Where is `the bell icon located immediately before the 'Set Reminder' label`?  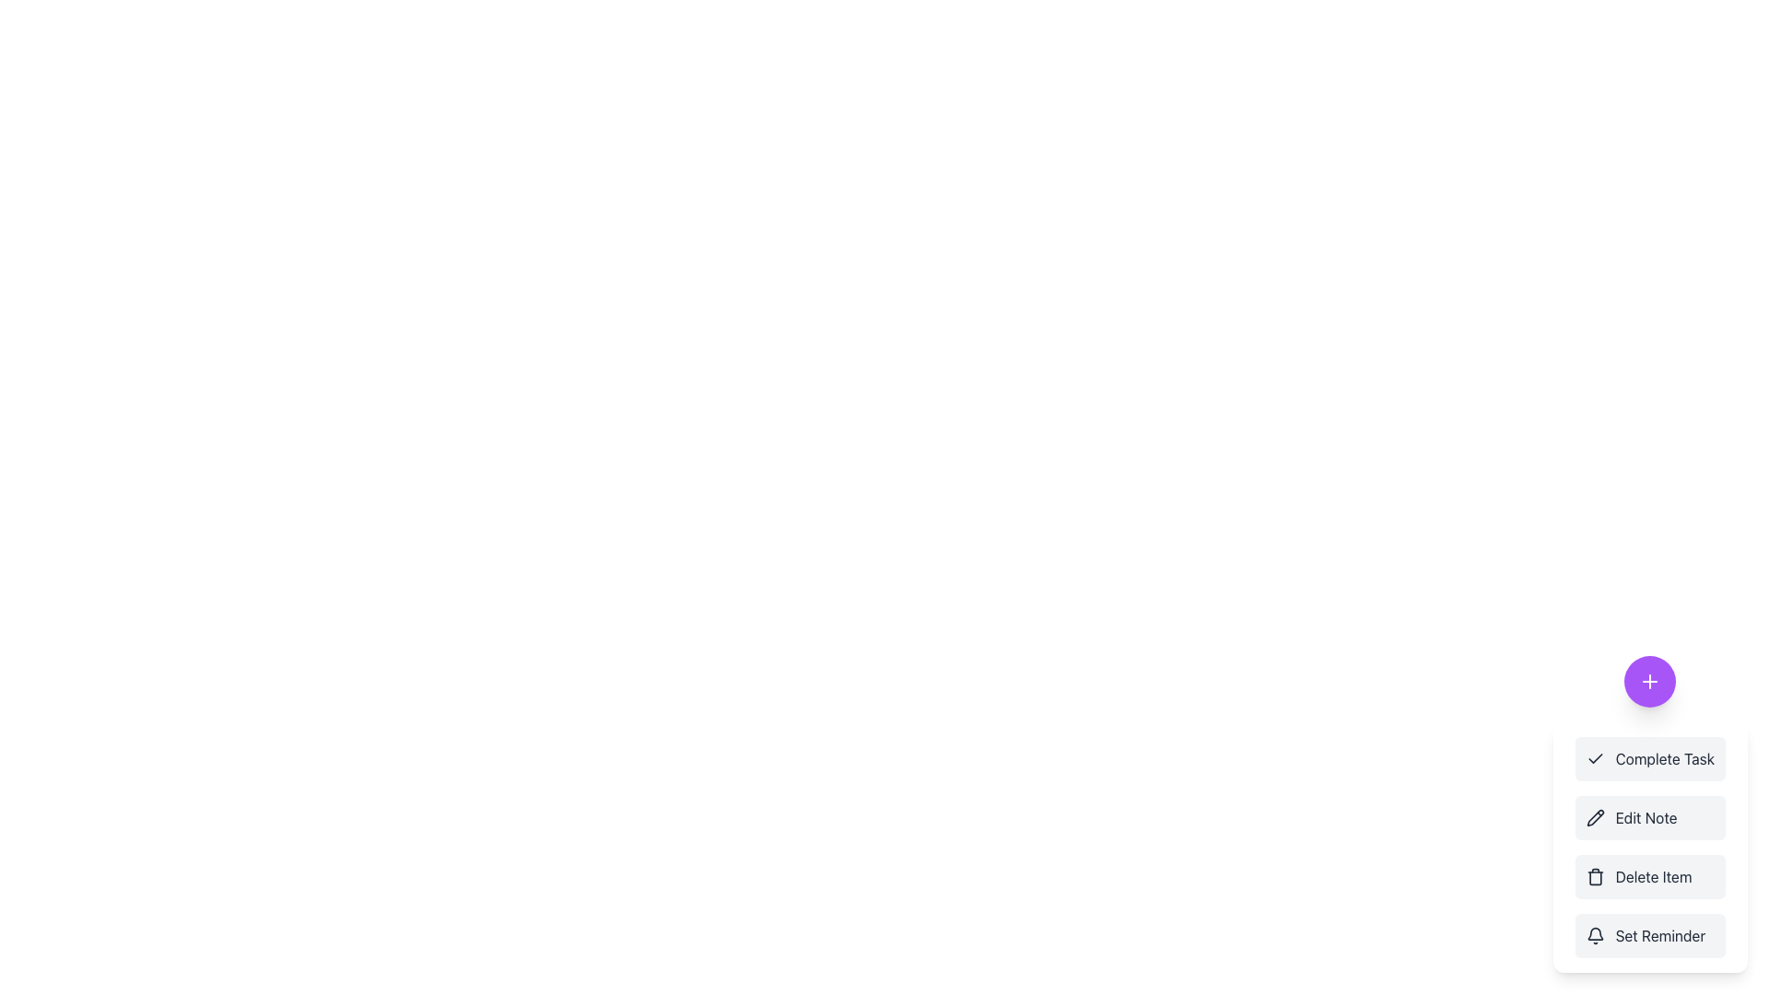 the bell icon located immediately before the 'Set Reminder' label is located at coordinates (1594, 935).